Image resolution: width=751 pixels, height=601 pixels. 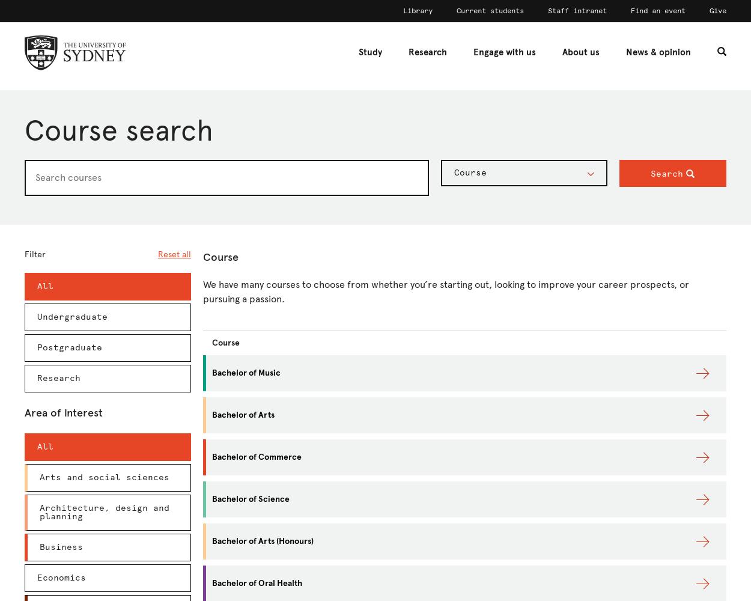 What do you see at coordinates (211, 457) in the screenshot?
I see `'Bachelor of Commerce'` at bounding box center [211, 457].